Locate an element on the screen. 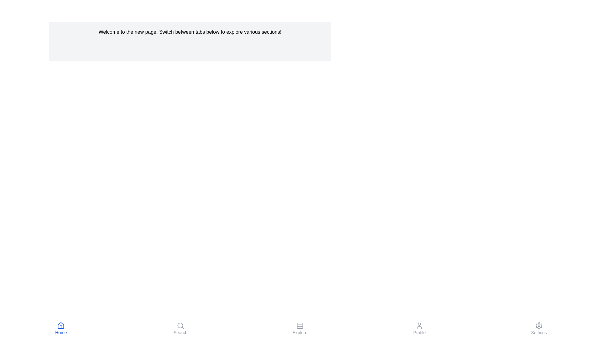 The image size is (600, 337). the gear icon located on the far right of the bottom navigation bar is located at coordinates (538, 325).